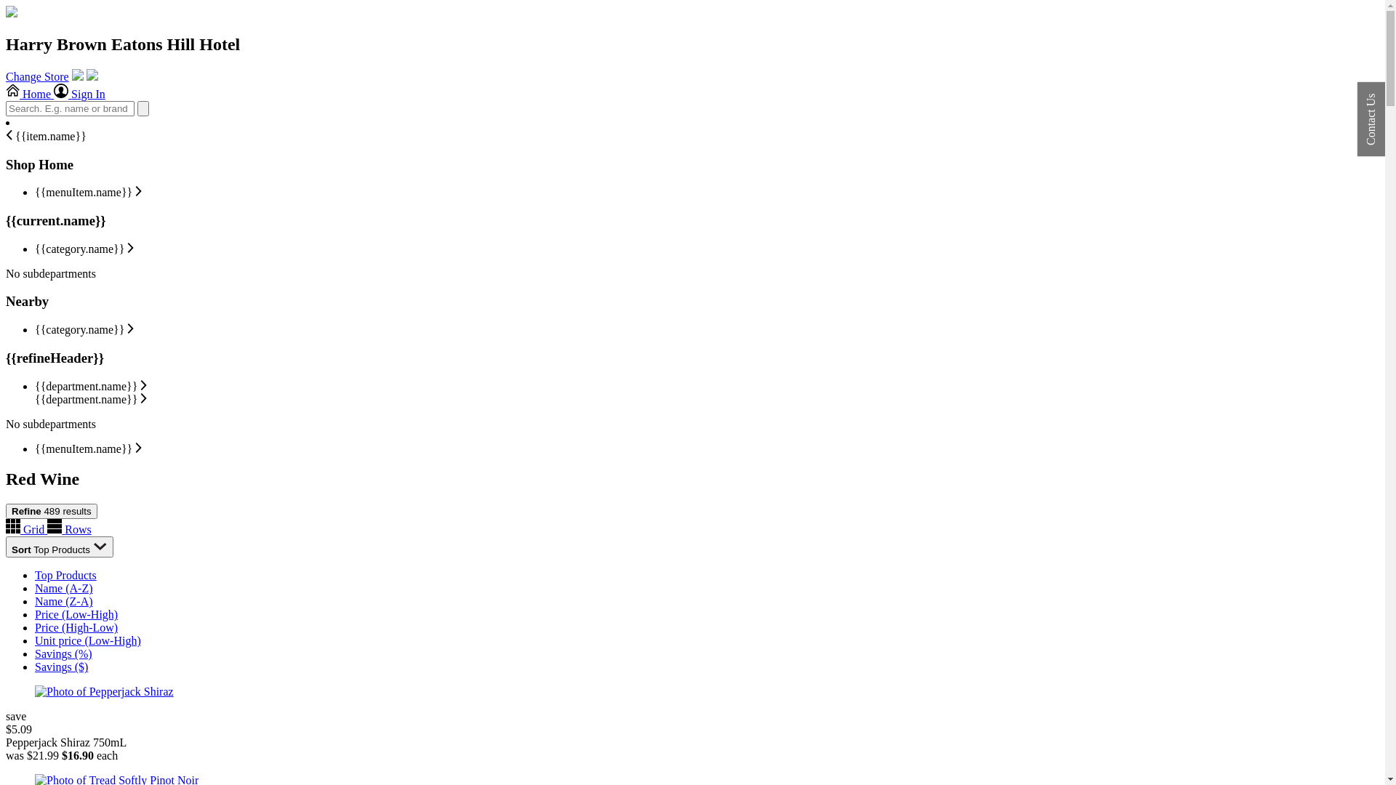  I want to click on 'Name (Z-A)', so click(63, 601).